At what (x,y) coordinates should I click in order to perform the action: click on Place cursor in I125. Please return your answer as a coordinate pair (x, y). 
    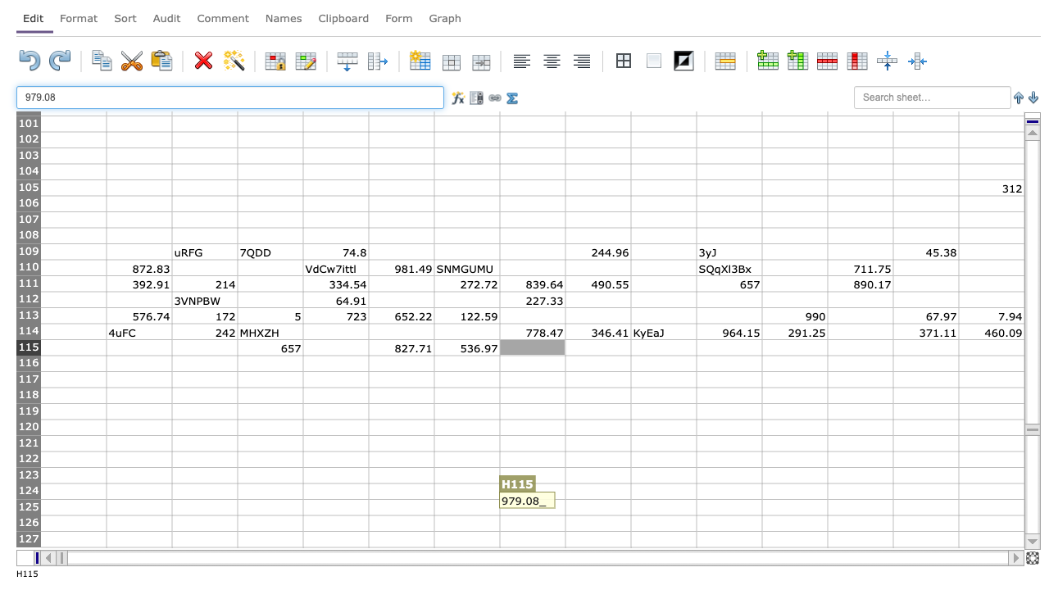
    Looking at the image, I should click on (597, 506).